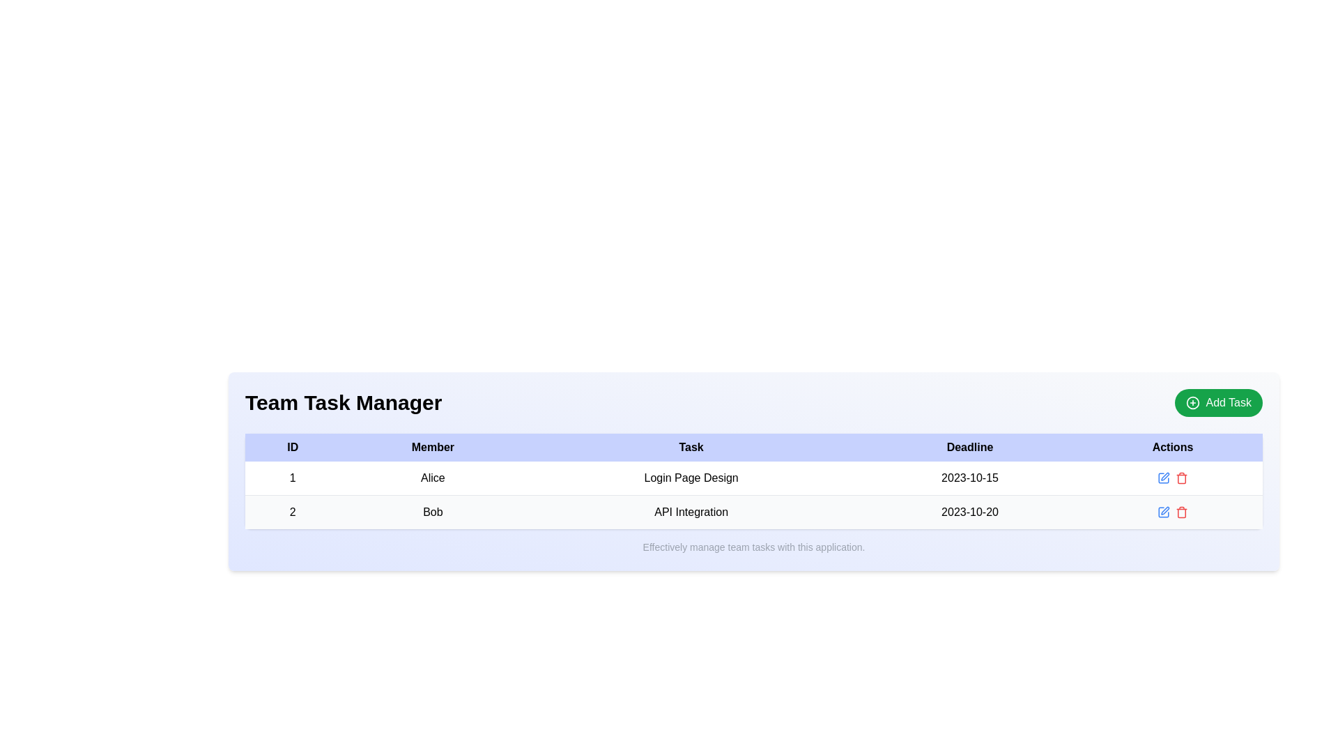 This screenshot has width=1338, height=753. I want to click on the addition icon located on the left side of the 'Add Task' button in the top-right corner of the interface for accessibility actions, so click(1192, 403).